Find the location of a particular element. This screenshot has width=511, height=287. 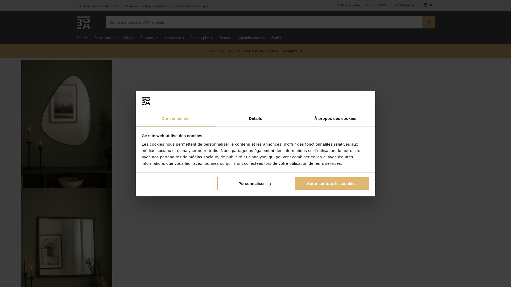

'Personnaliser' is located at coordinates (254, 183).